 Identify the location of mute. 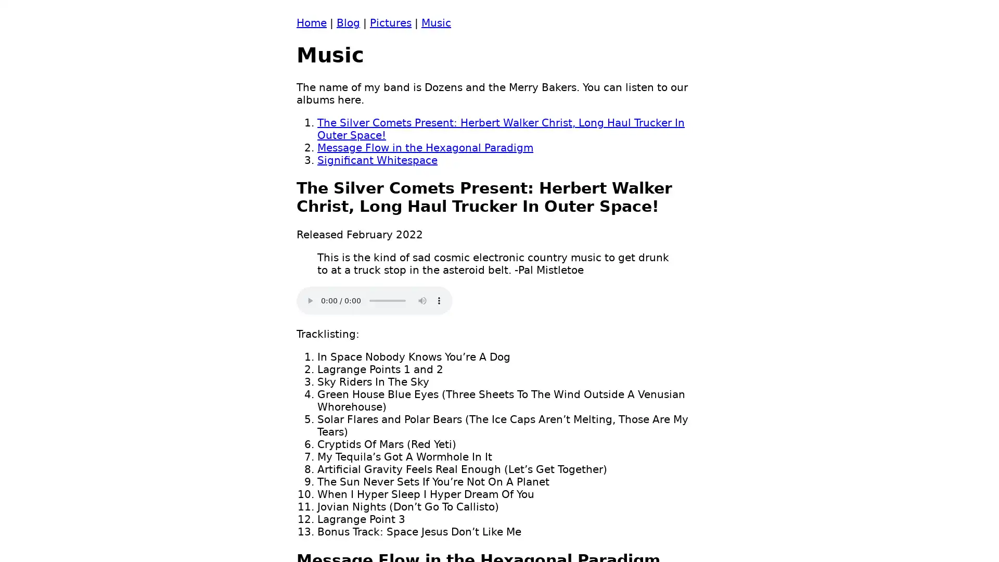
(422, 301).